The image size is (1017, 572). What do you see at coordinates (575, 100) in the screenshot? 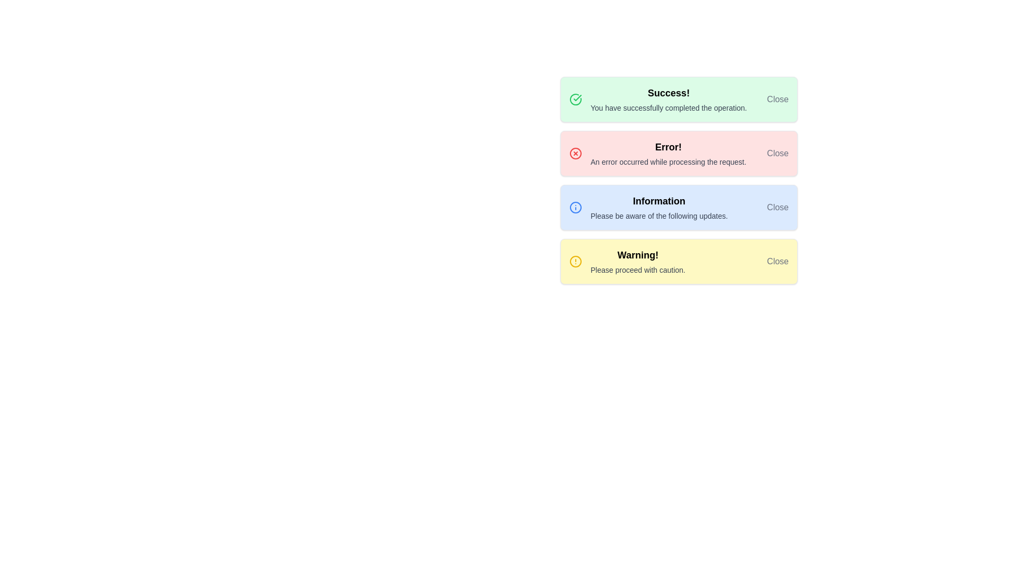
I see `the SVG graphic icon styled as a combination of a circle and a checkmark, which indicates a successful action, located at the upper-left corner of the 'Success!' notification card` at bounding box center [575, 100].